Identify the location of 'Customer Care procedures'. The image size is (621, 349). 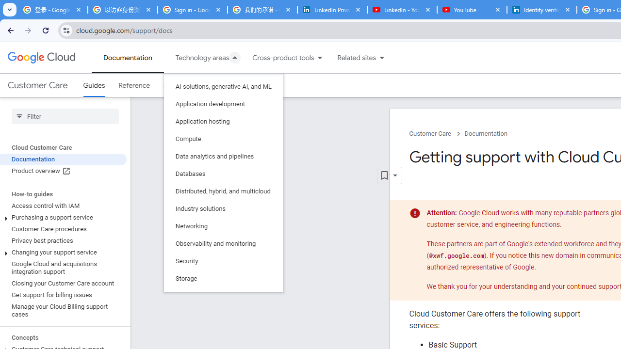
(63, 229).